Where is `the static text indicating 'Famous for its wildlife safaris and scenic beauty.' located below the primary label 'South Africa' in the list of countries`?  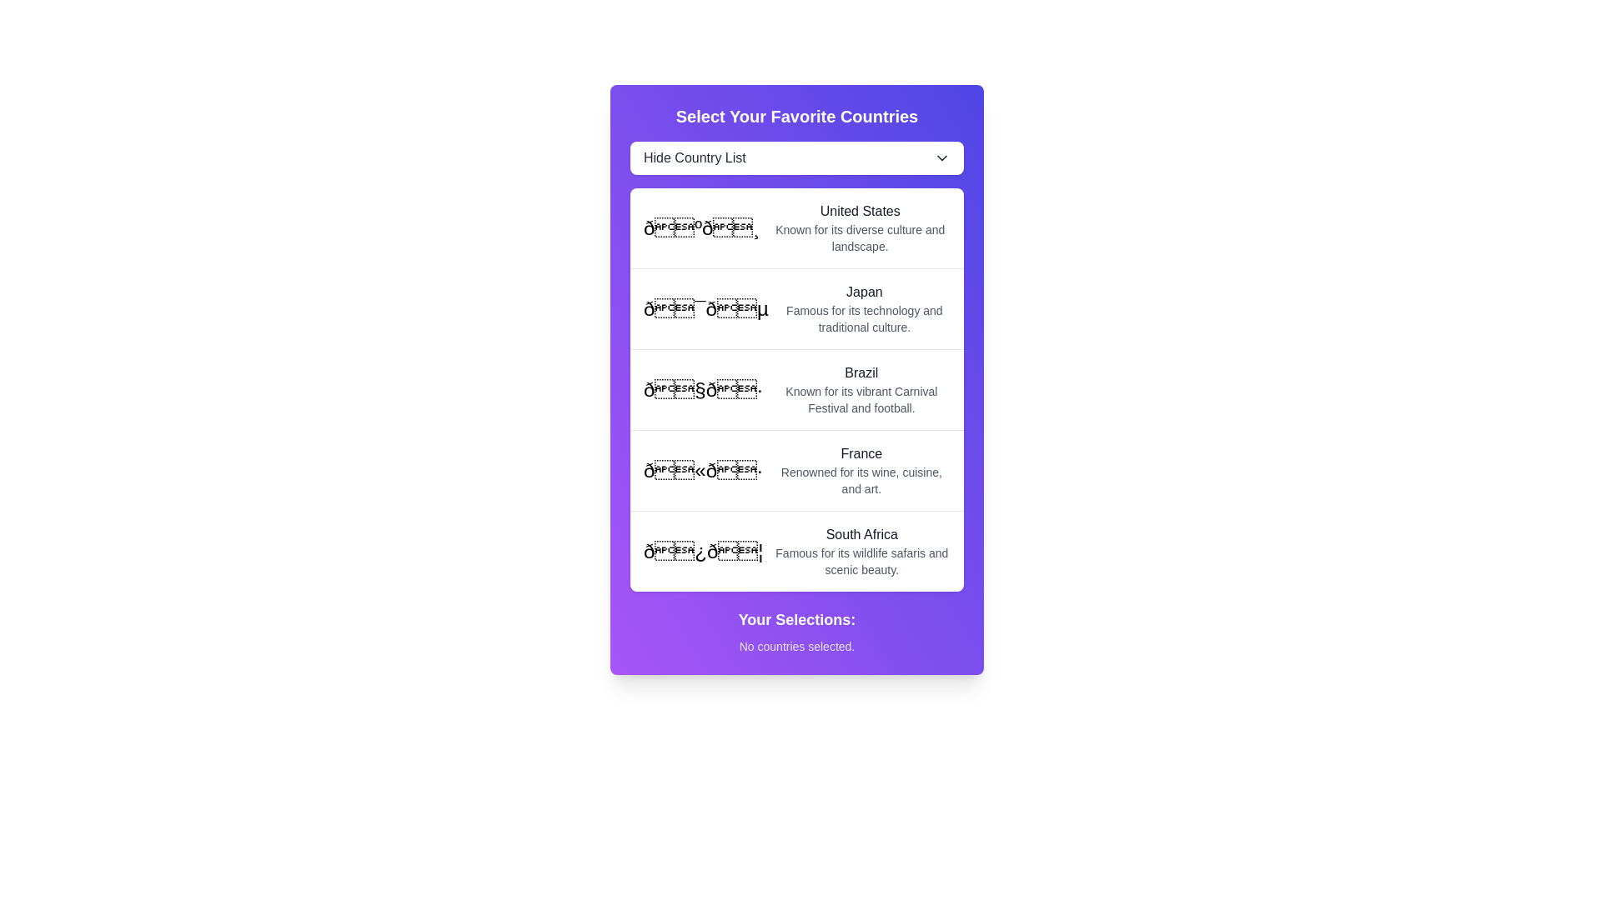 the static text indicating 'Famous for its wildlife safaris and scenic beauty.' located below the primary label 'South Africa' in the list of countries is located at coordinates (861, 562).